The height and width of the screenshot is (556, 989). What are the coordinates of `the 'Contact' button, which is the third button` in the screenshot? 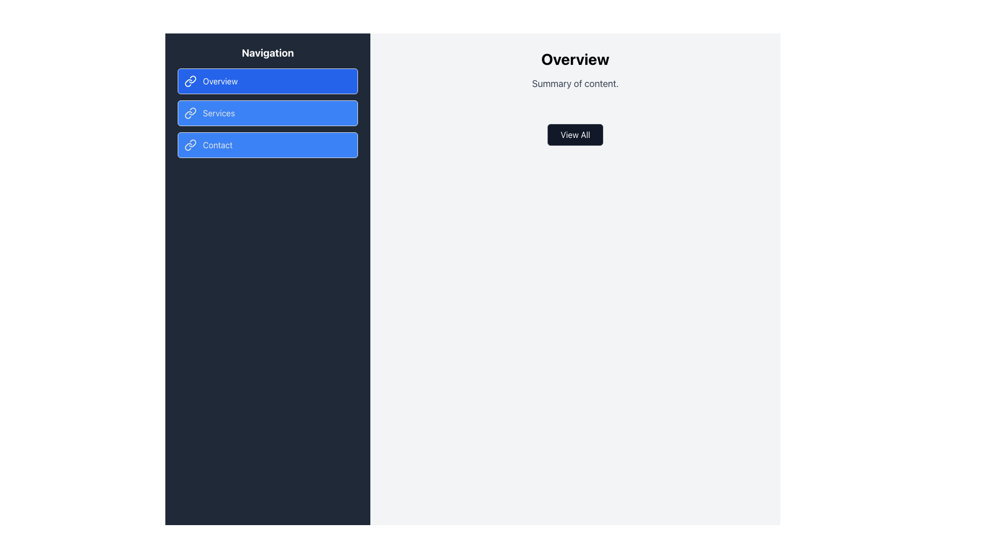 It's located at (267, 145).